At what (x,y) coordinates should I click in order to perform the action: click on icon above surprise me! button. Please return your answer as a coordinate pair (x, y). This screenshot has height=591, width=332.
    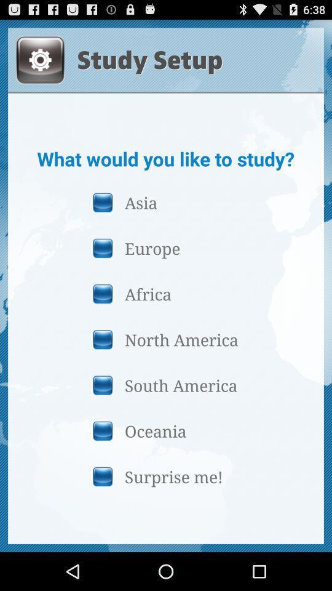
    Looking at the image, I should click on (165, 431).